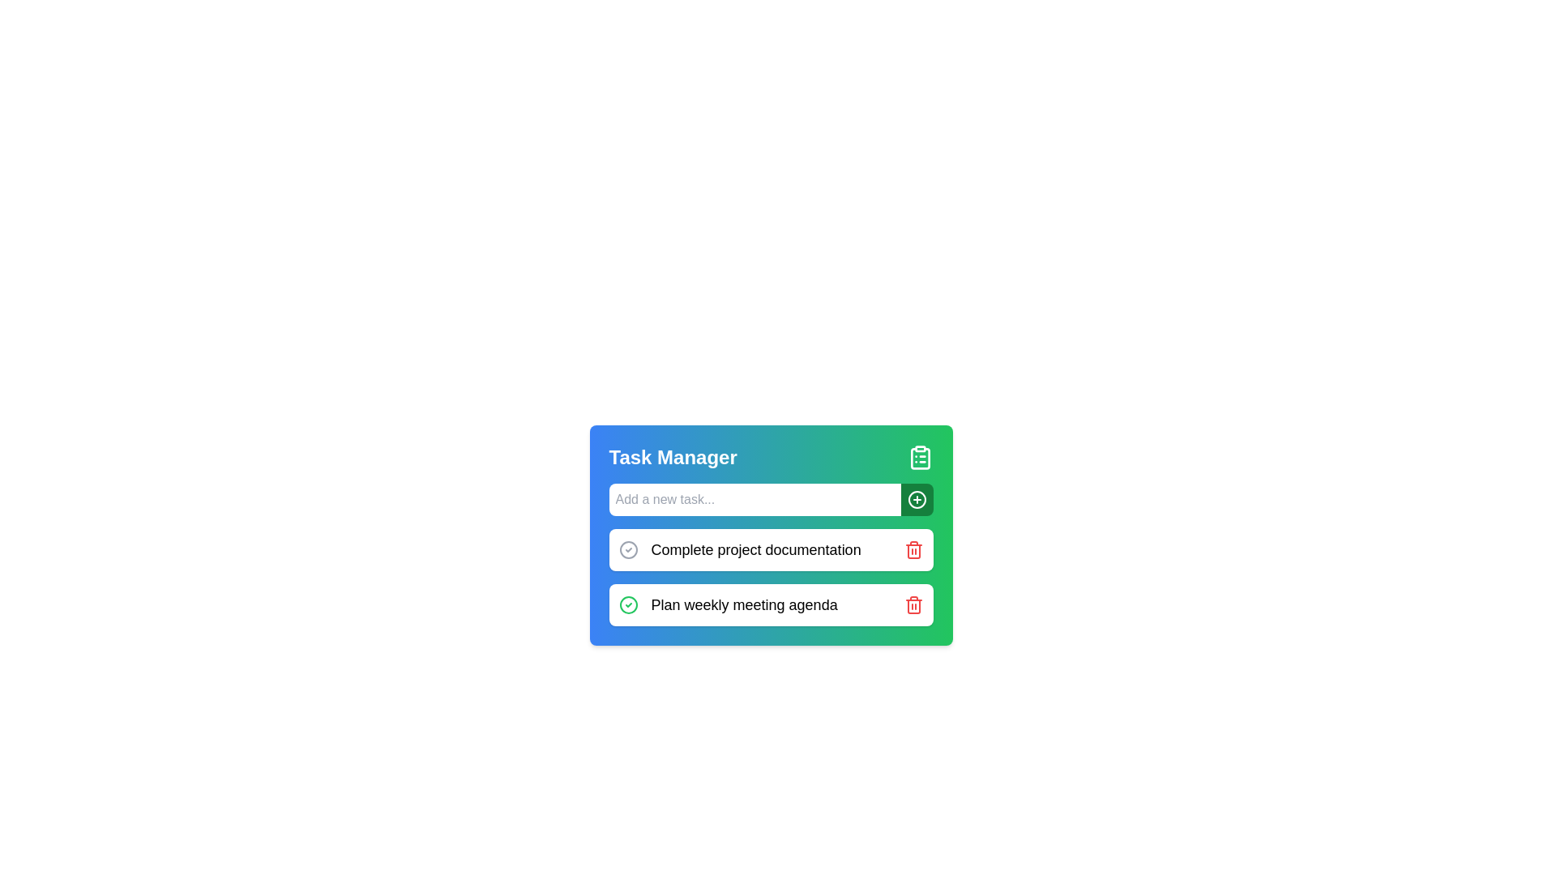  Describe the element at coordinates (627, 605) in the screenshot. I see `the green circle icon with a checkmark inside, which indicates a completed task, located` at that location.